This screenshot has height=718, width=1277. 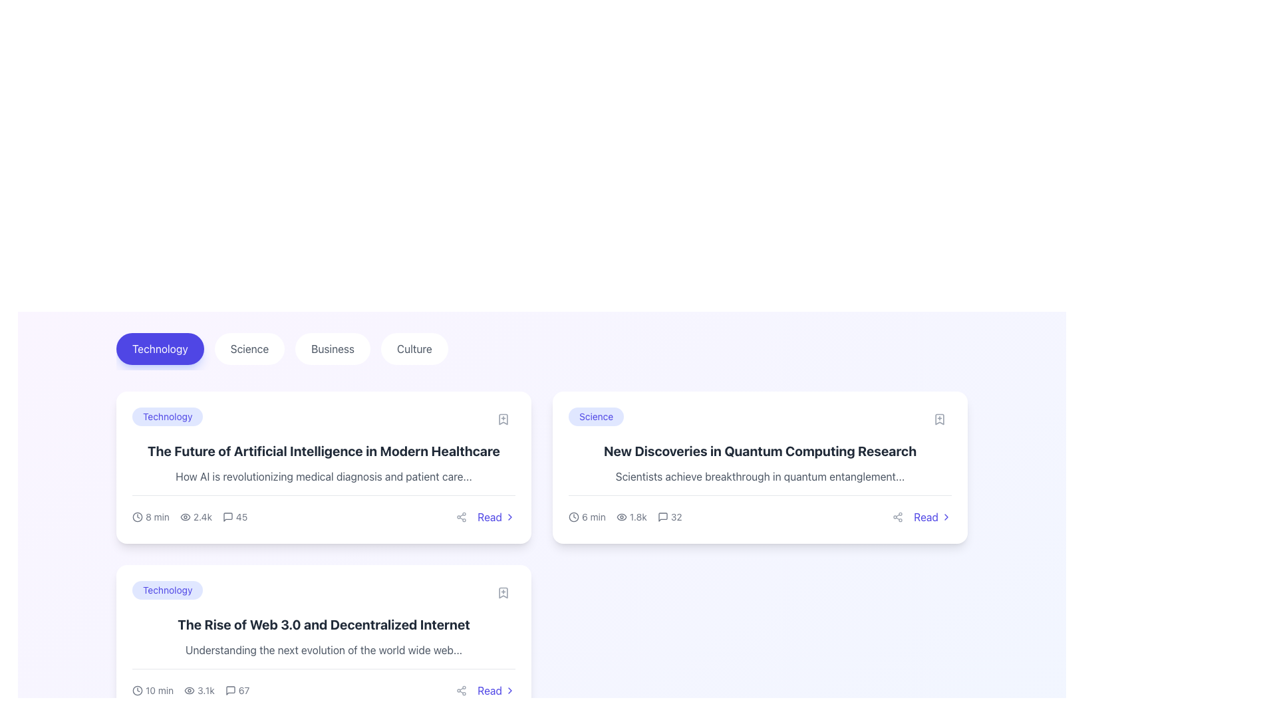 What do you see at coordinates (503, 592) in the screenshot?
I see `the Icon button located at the top-right corner of the card for the article 'The Rise of Web 3.0 and Decentralized Internet' to bookmark or save it` at bounding box center [503, 592].